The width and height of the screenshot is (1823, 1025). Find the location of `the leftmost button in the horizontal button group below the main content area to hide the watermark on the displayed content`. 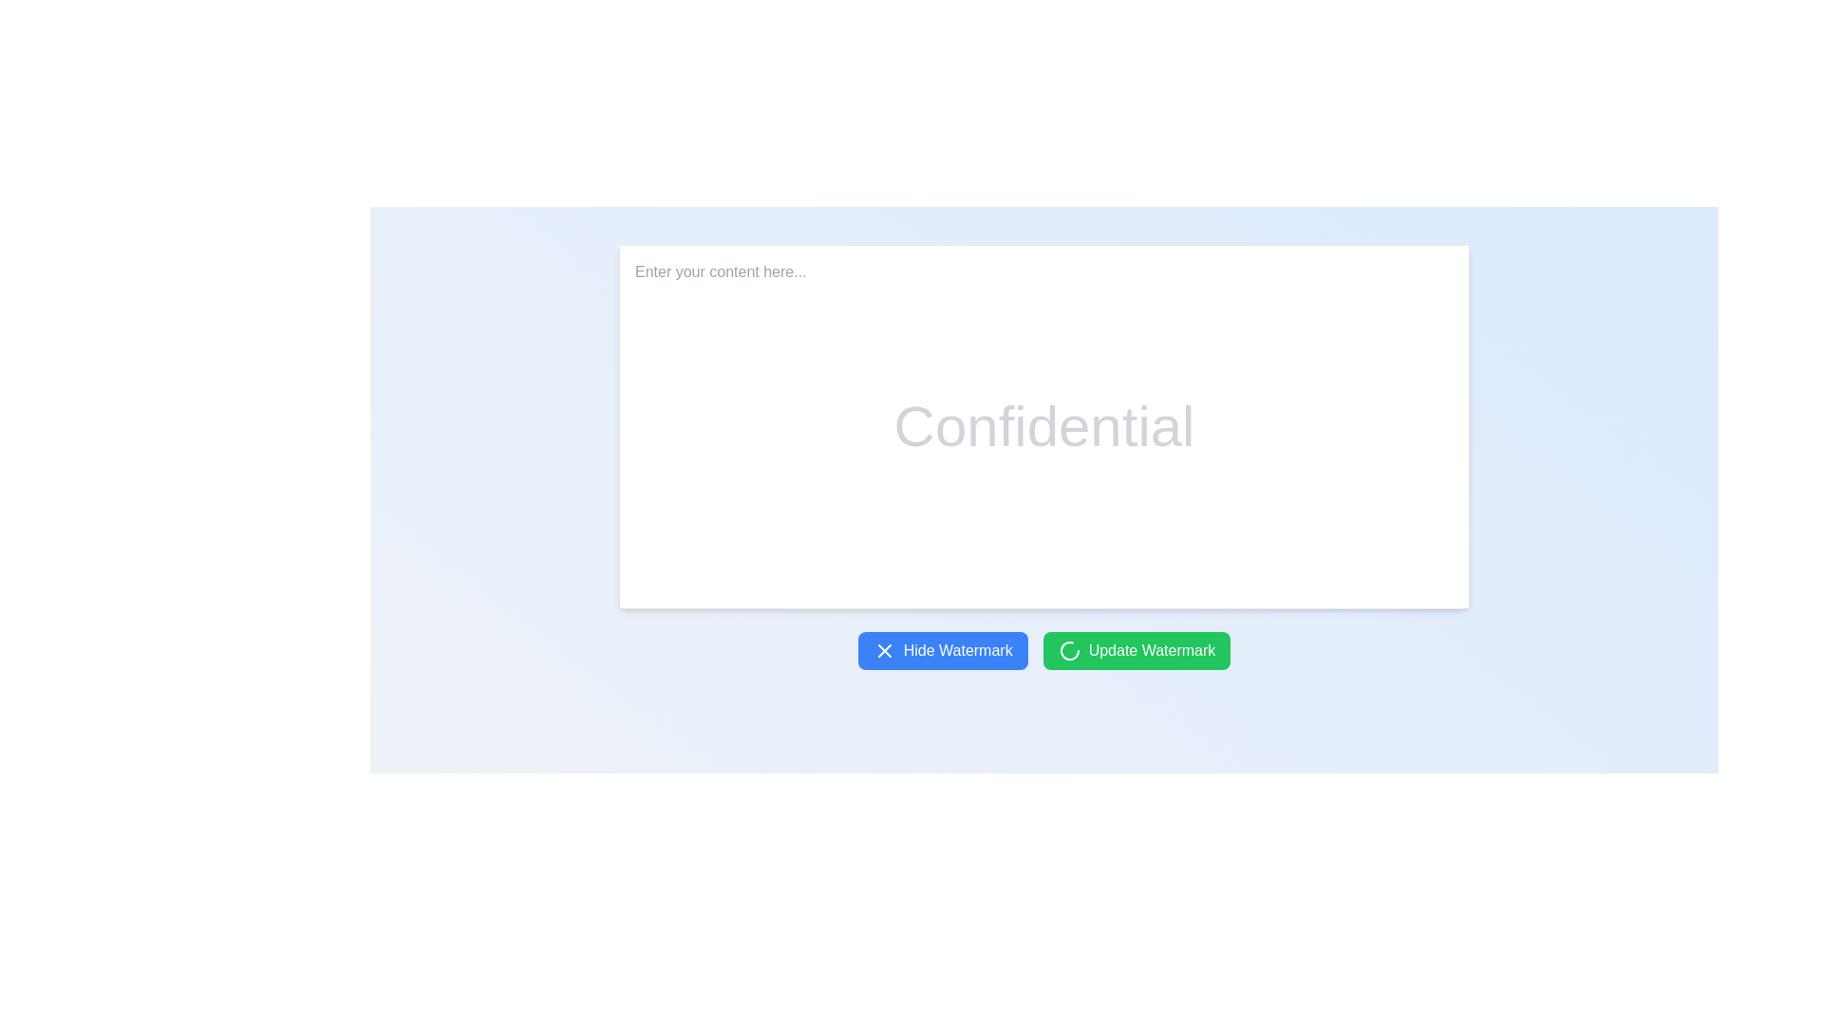

the leftmost button in the horizontal button group below the main content area to hide the watermark on the displayed content is located at coordinates (943, 650).